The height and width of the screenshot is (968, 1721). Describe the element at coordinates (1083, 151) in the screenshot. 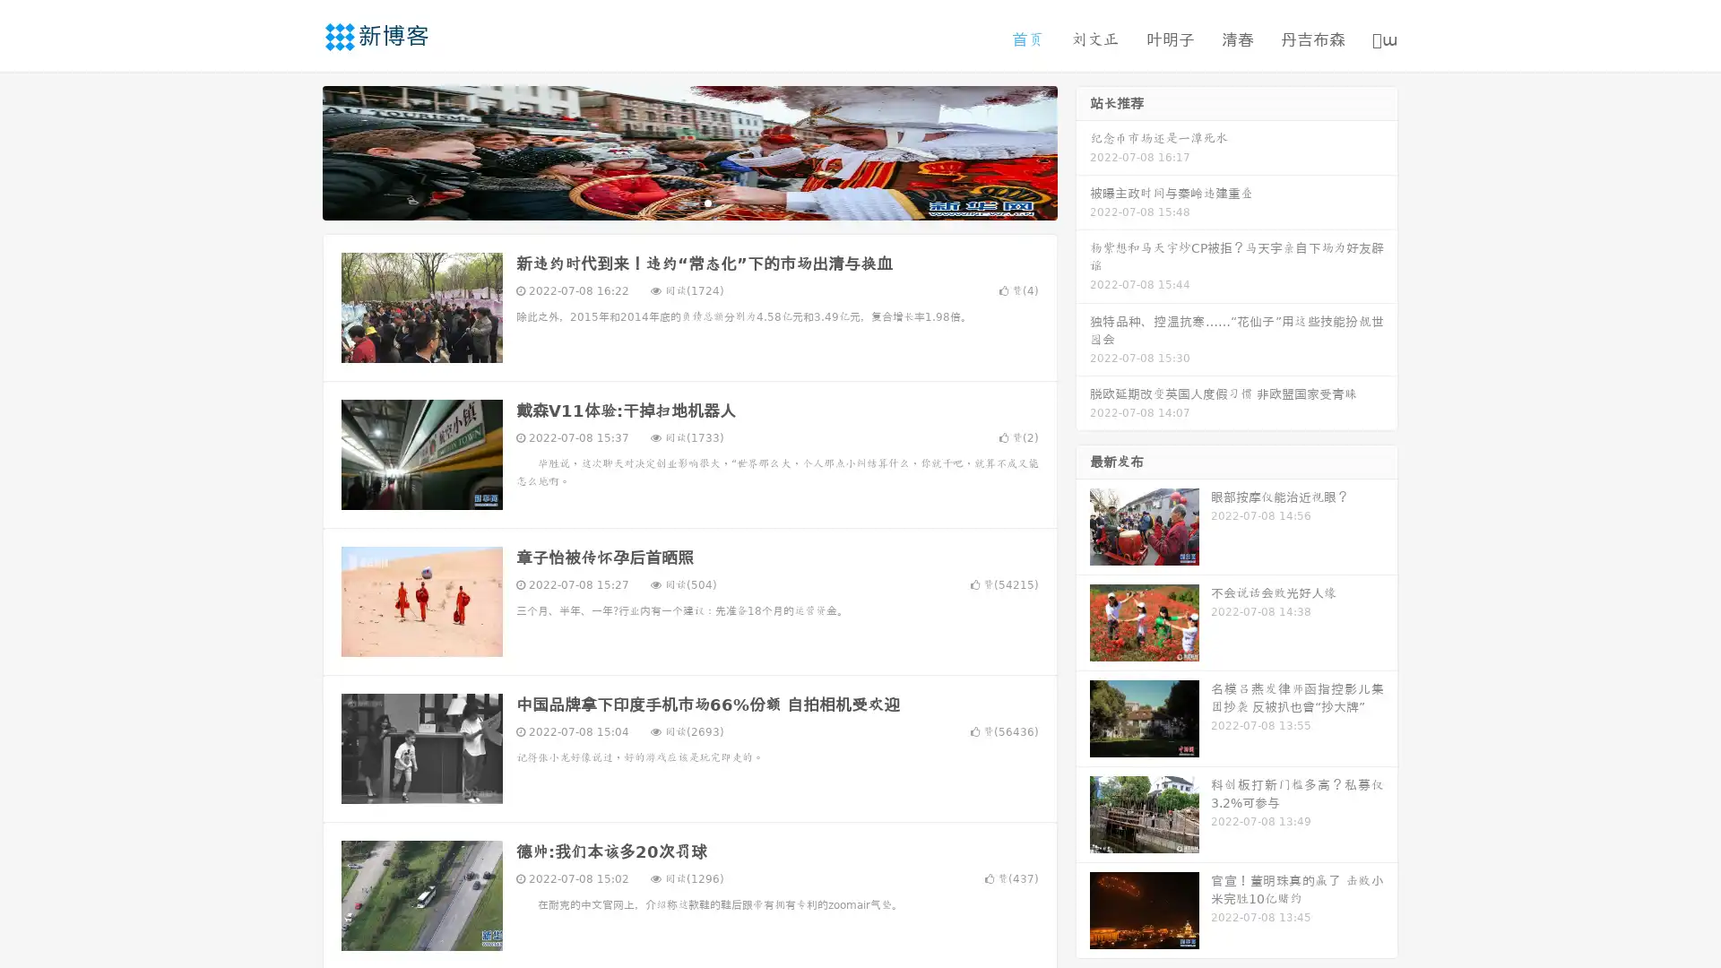

I see `Next slide` at that location.